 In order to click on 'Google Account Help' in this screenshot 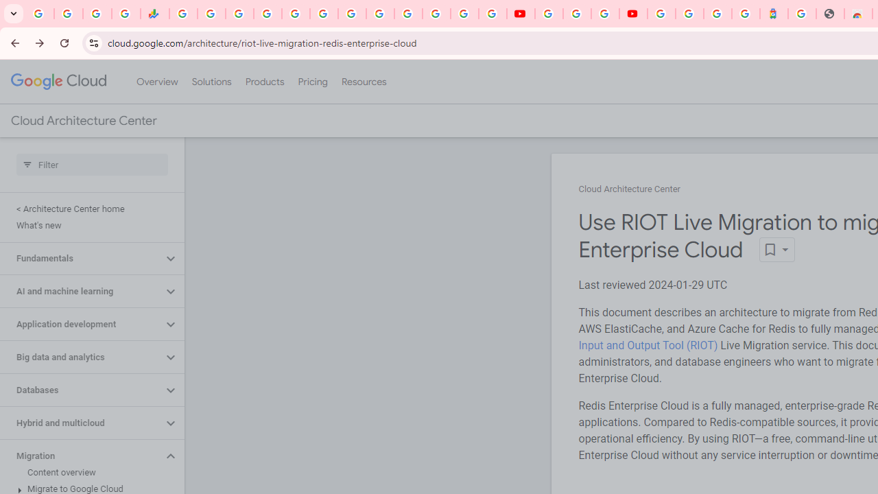, I will do `click(576, 14)`.